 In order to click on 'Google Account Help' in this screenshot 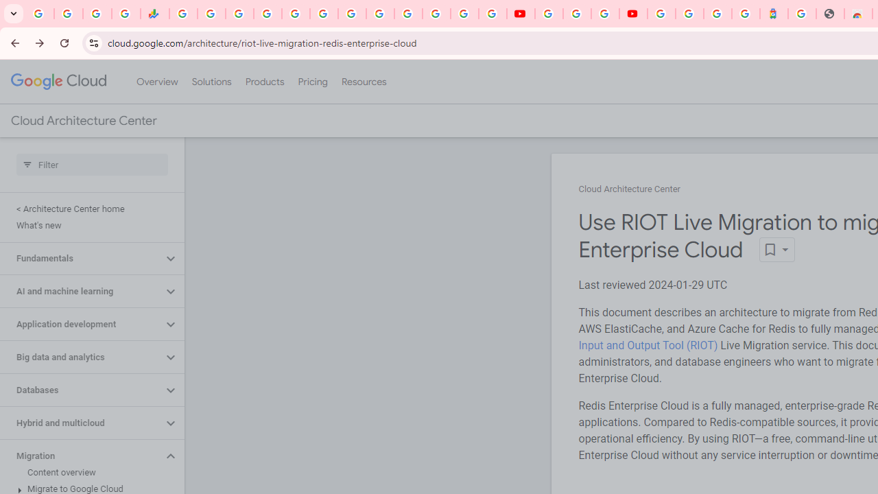, I will do `click(576, 14)`.